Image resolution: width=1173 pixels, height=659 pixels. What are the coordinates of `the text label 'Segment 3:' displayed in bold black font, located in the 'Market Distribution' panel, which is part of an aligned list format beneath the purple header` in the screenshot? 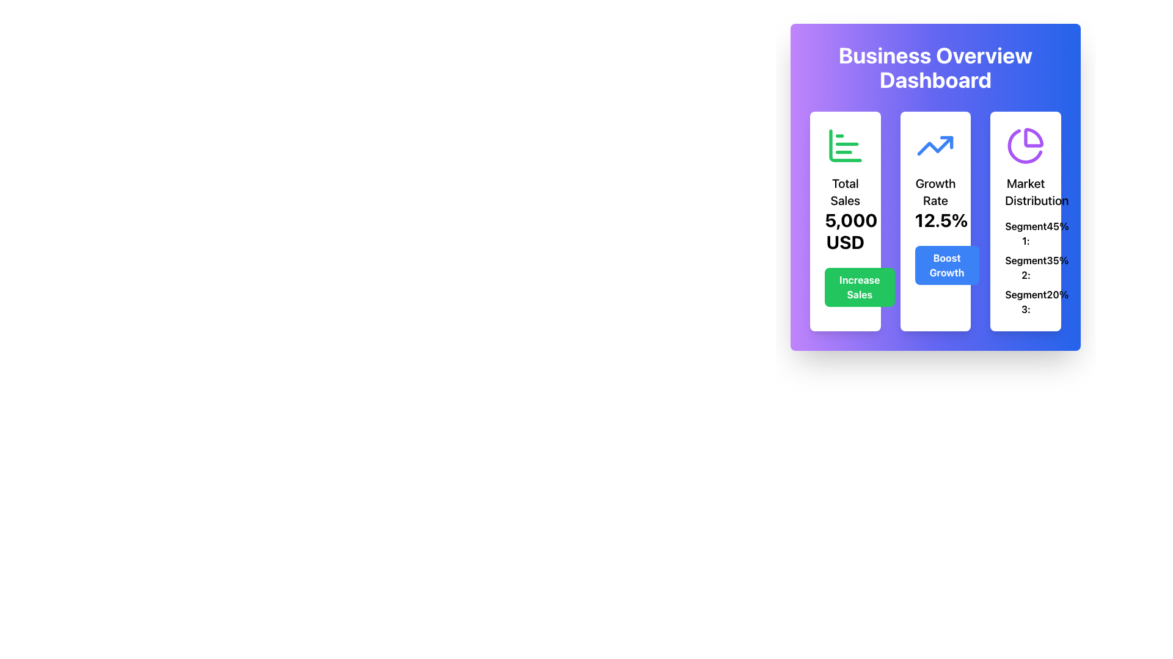 It's located at (1026, 301).